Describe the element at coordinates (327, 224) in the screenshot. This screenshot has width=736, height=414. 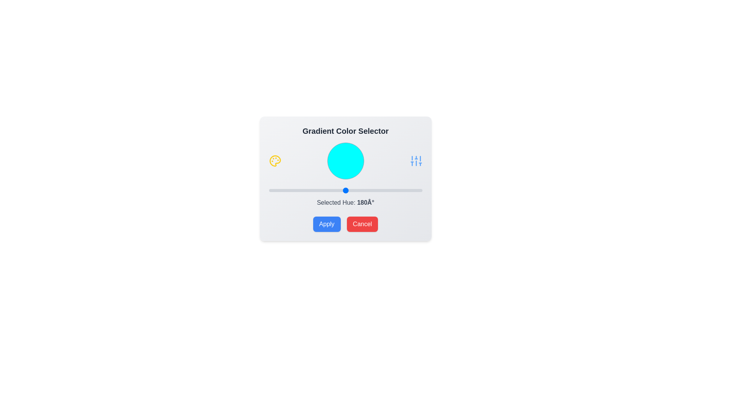
I see `the 'Apply' button to confirm the selected gradient color` at that location.